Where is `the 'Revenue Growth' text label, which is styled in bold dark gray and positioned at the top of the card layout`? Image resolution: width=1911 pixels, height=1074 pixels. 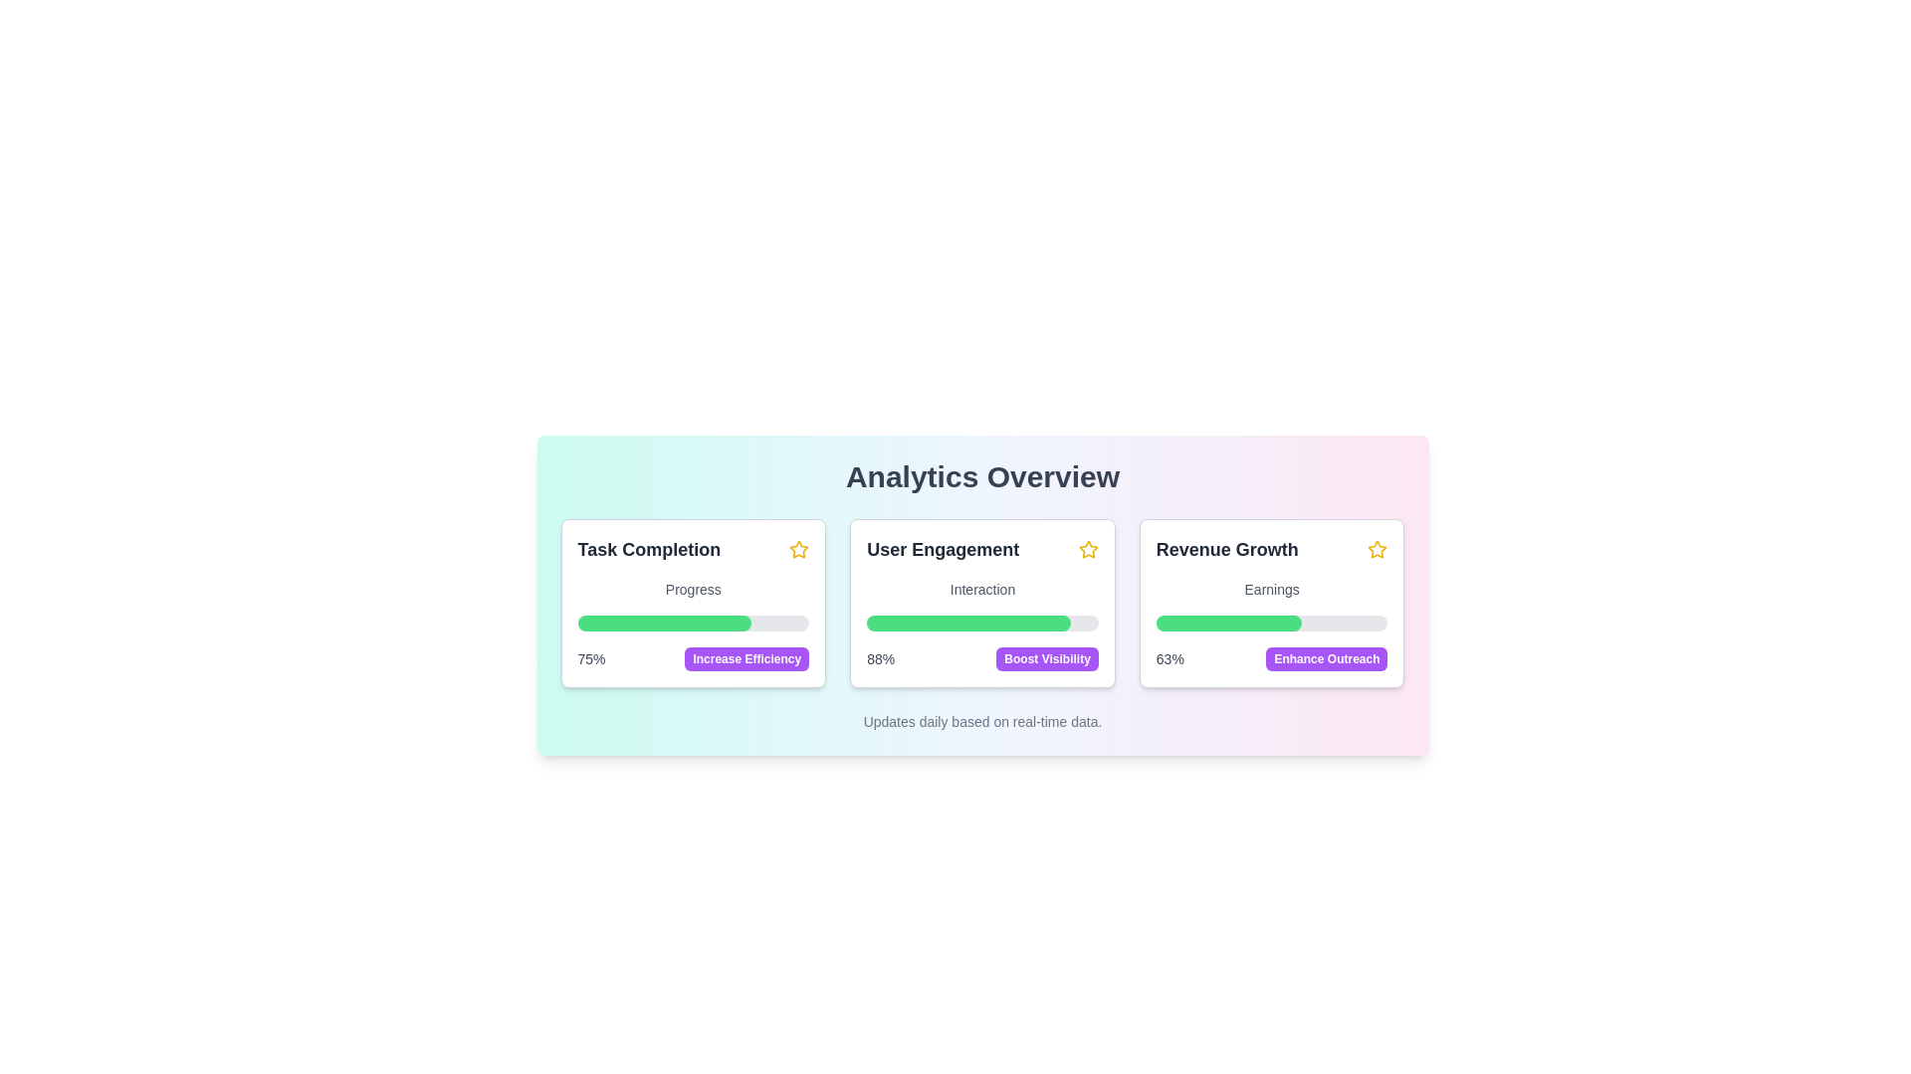 the 'Revenue Growth' text label, which is styled in bold dark gray and positioned at the top of the card layout is located at coordinates (1226, 549).